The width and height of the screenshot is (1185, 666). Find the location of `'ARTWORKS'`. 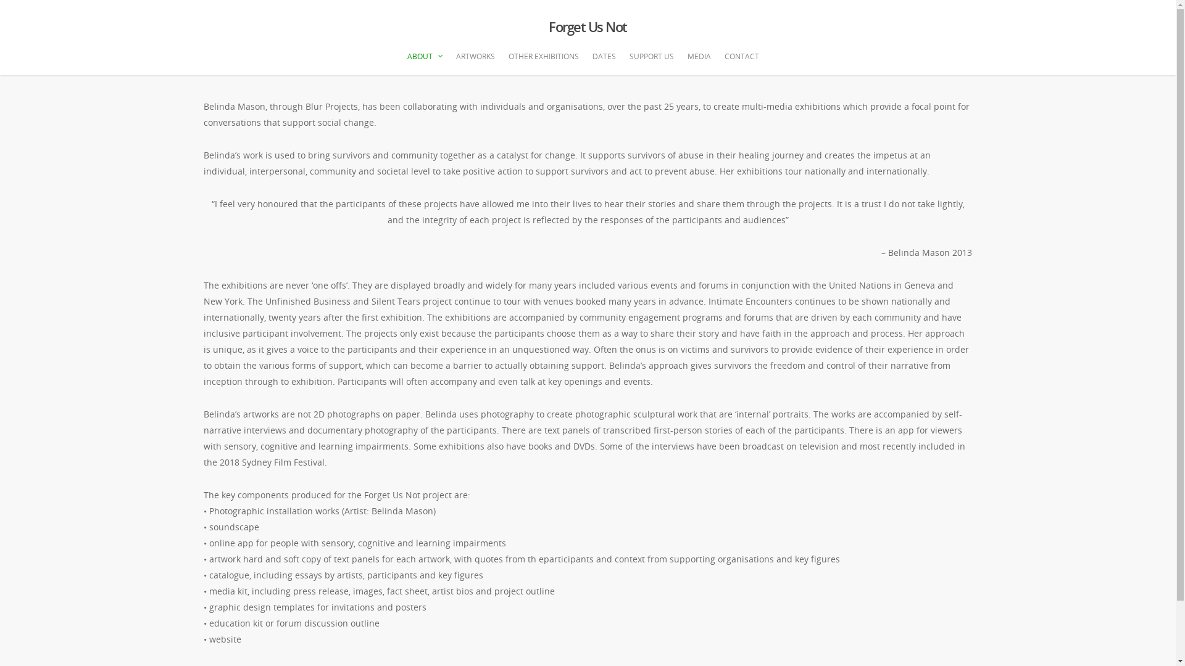

'ARTWORKS' is located at coordinates (475, 62).